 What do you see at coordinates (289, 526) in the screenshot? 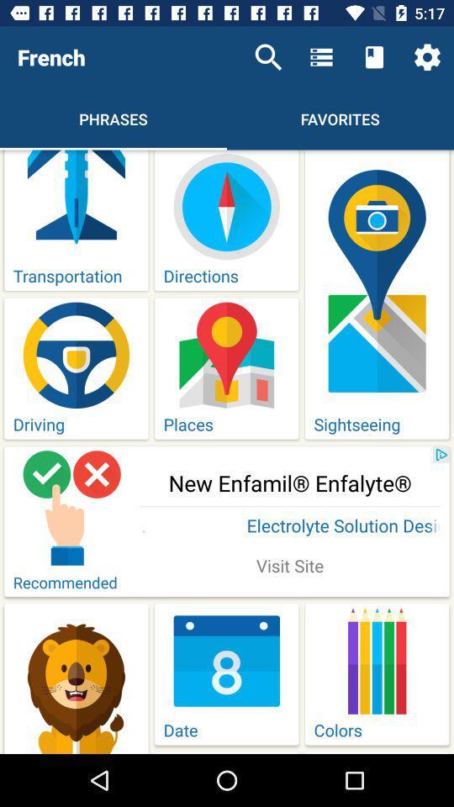
I see `the icon above visit site icon` at bounding box center [289, 526].